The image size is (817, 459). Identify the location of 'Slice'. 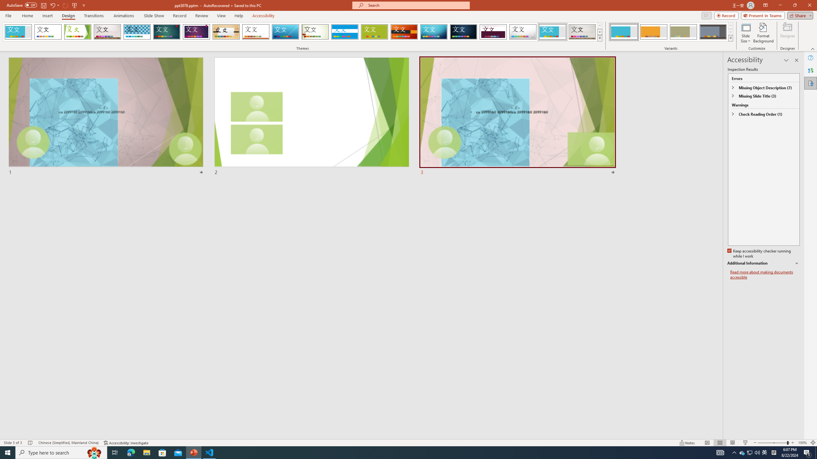
(285, 32).